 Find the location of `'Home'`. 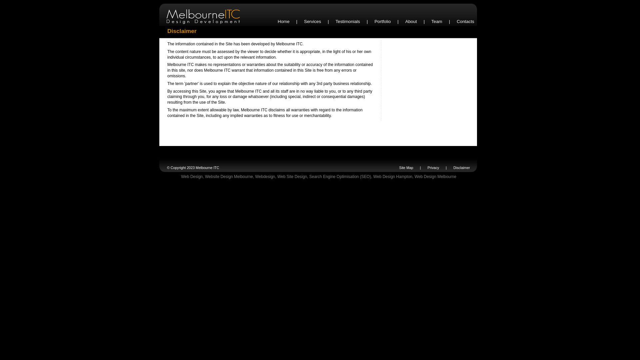

'Home' is located at coordinates (283, 21).